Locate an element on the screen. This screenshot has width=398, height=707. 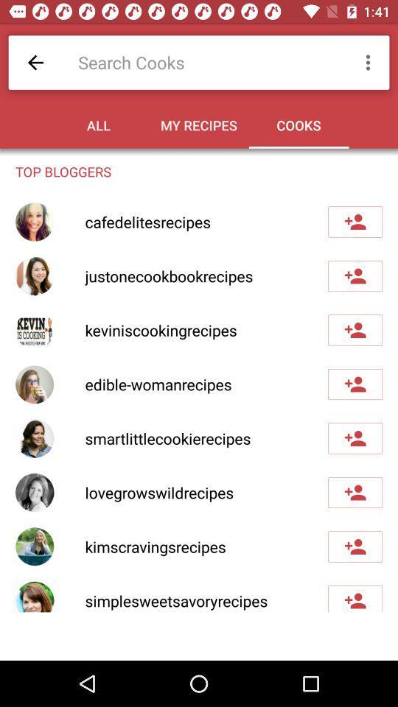
user to your list is located at coordinates (355, 546).